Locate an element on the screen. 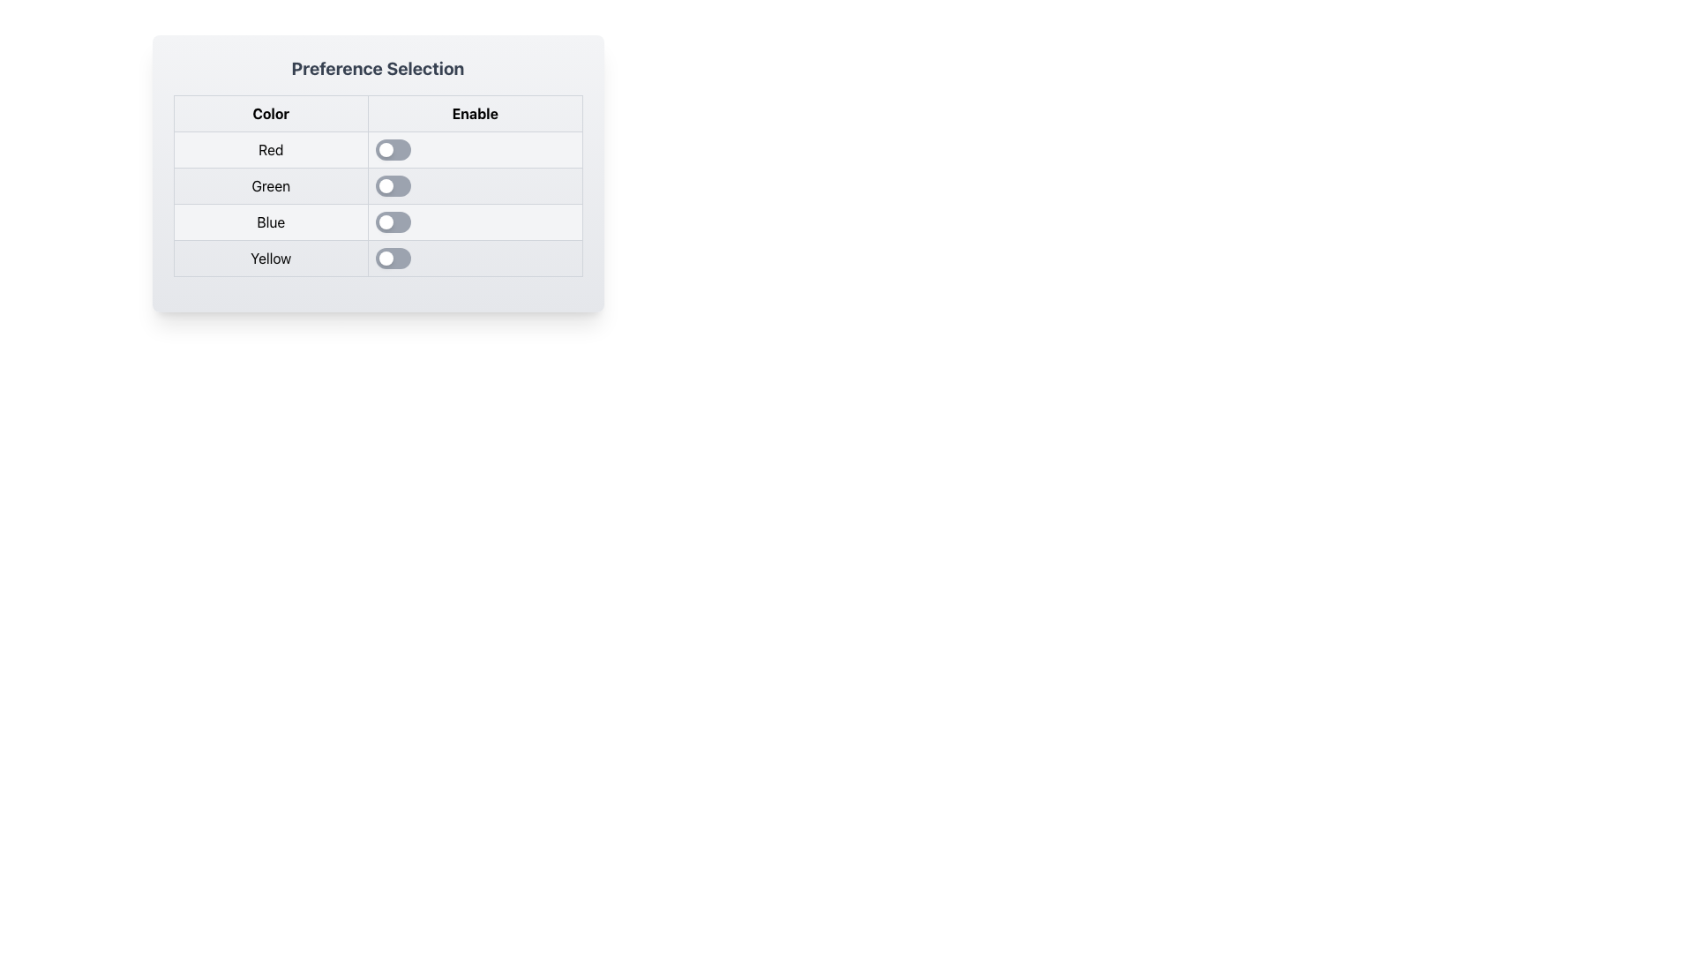 Image resolution: width=1694 pixels, height=953 pixels. the toggle knob of the switch corresponding to the 'Yellow' option is located at coordinates (385, 259).